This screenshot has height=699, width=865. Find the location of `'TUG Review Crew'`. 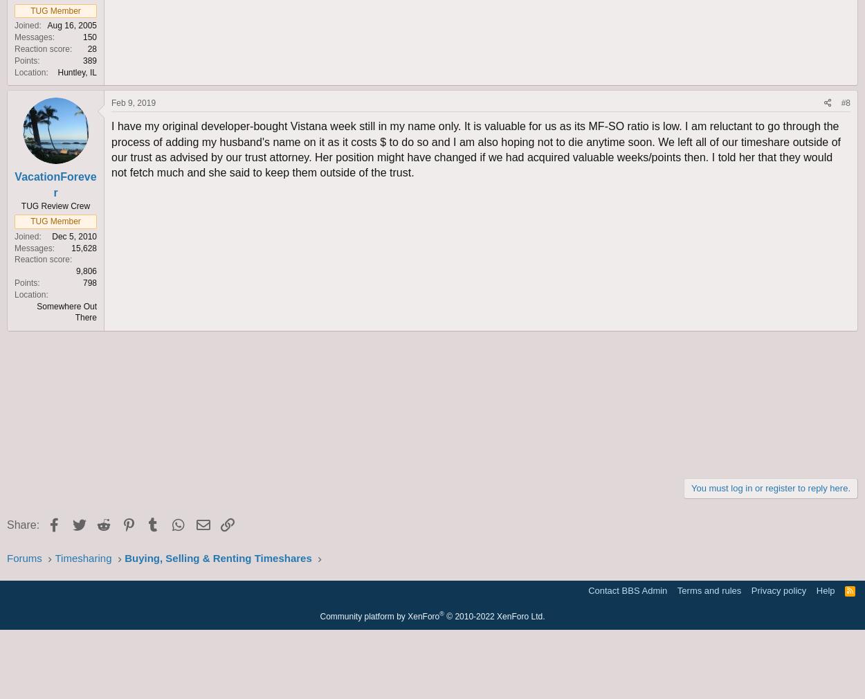

'TUG Review Crew' is located at coordinates (55, 206).